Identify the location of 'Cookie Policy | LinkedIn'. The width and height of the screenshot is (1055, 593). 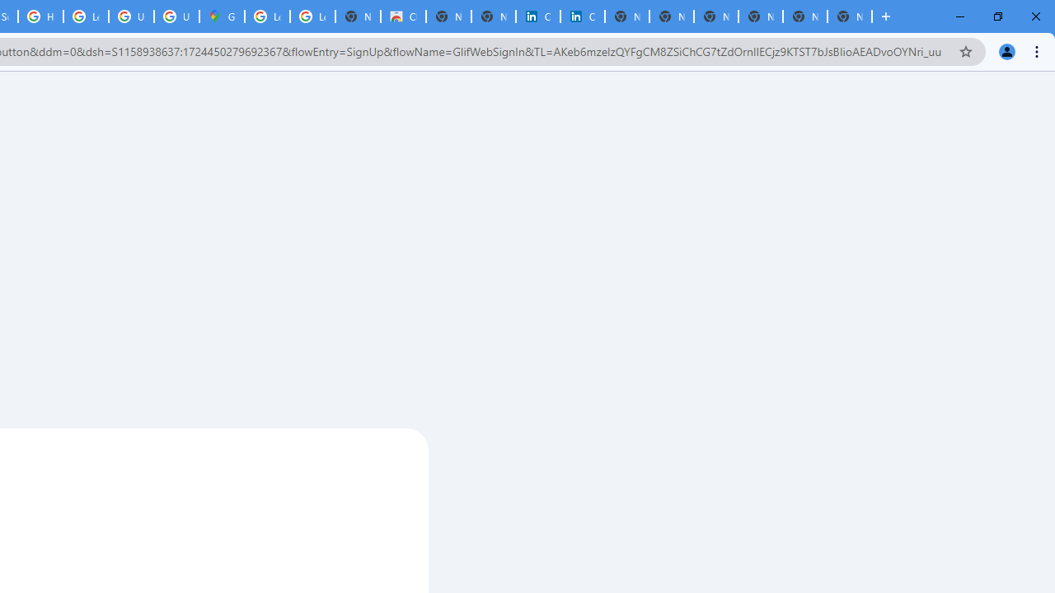
(537, 16).